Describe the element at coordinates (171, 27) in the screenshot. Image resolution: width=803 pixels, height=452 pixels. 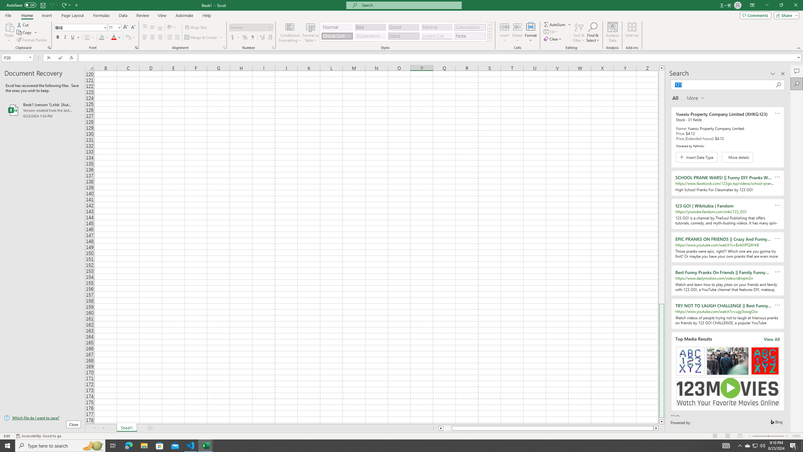
I see `'Orientation'` at that location.